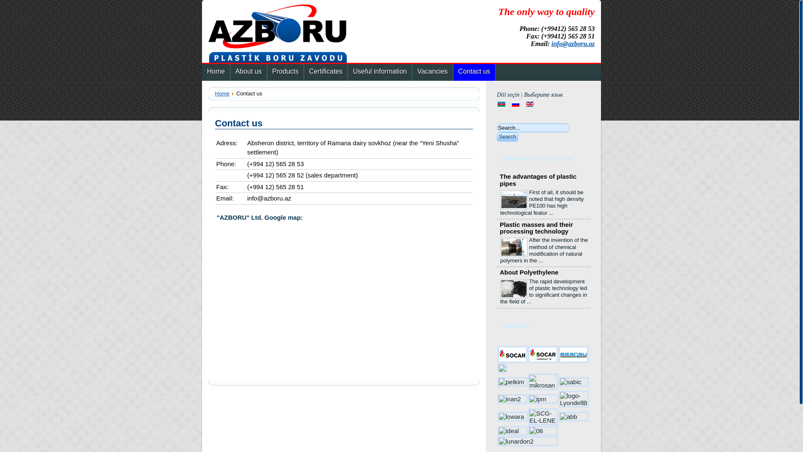  Describe the element at coordinates (500, 179) in the screenshot. I see `'The advantages of plastic pipes'` at that location.